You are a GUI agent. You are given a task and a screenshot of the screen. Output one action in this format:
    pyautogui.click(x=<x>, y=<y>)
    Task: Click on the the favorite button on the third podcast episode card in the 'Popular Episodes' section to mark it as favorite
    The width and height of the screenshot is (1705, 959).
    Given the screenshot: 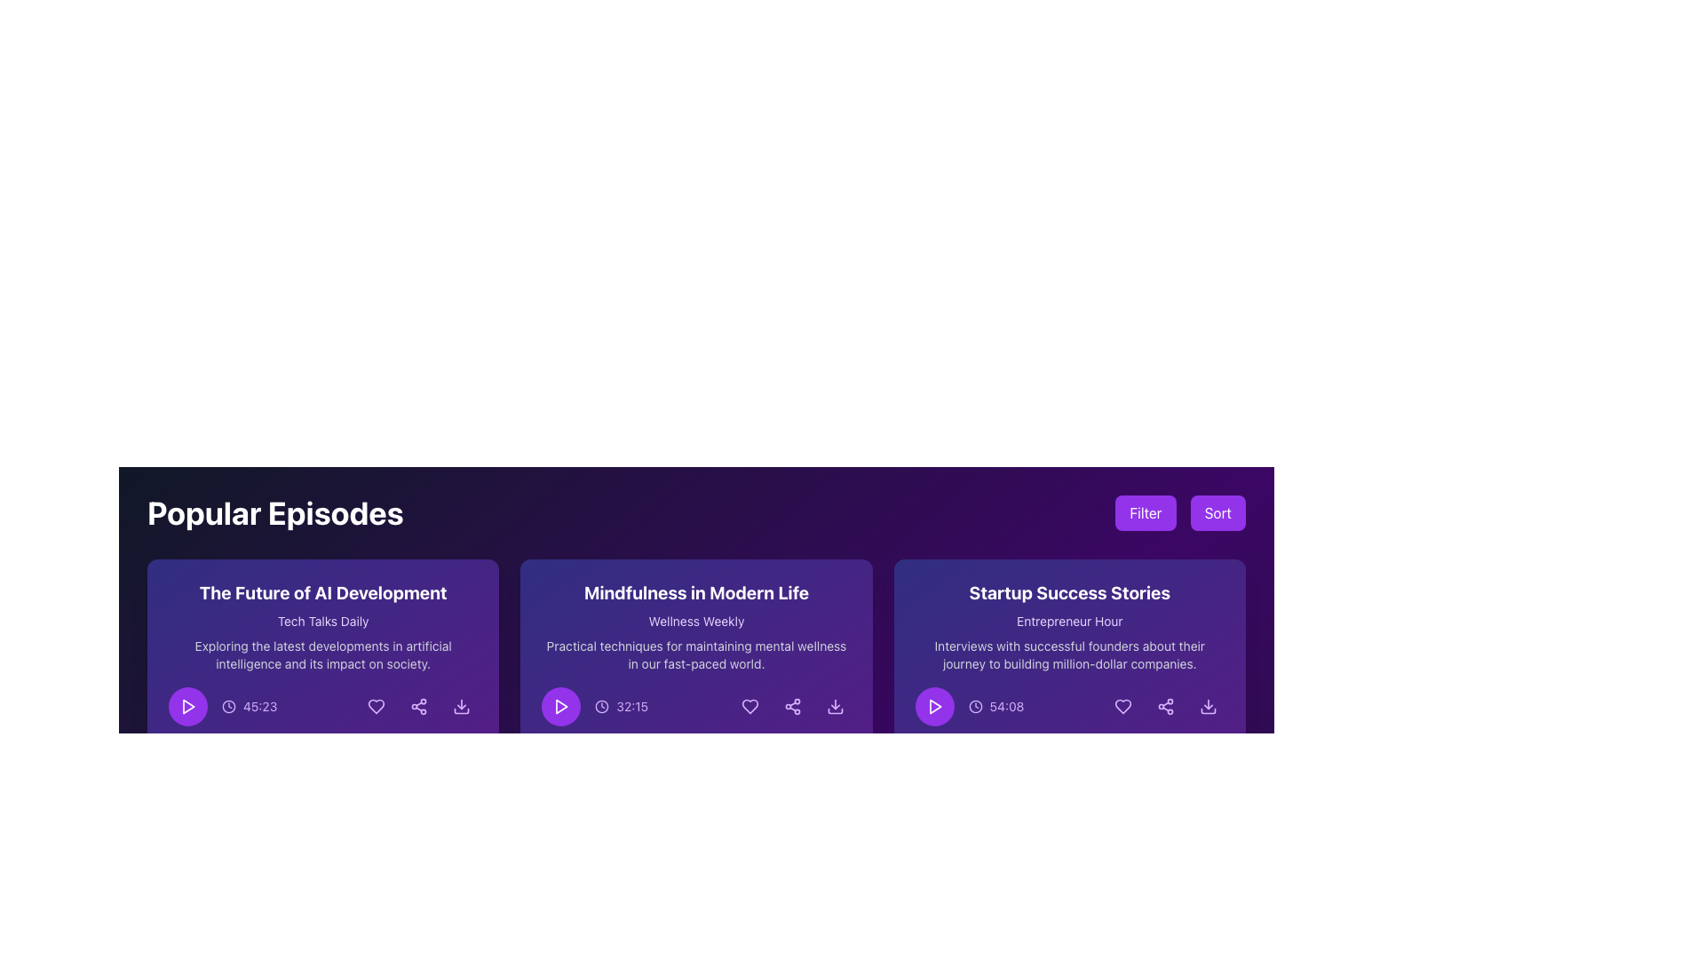 What is the action you would take?
    pyautogui.click(x=1068, y=678)
    